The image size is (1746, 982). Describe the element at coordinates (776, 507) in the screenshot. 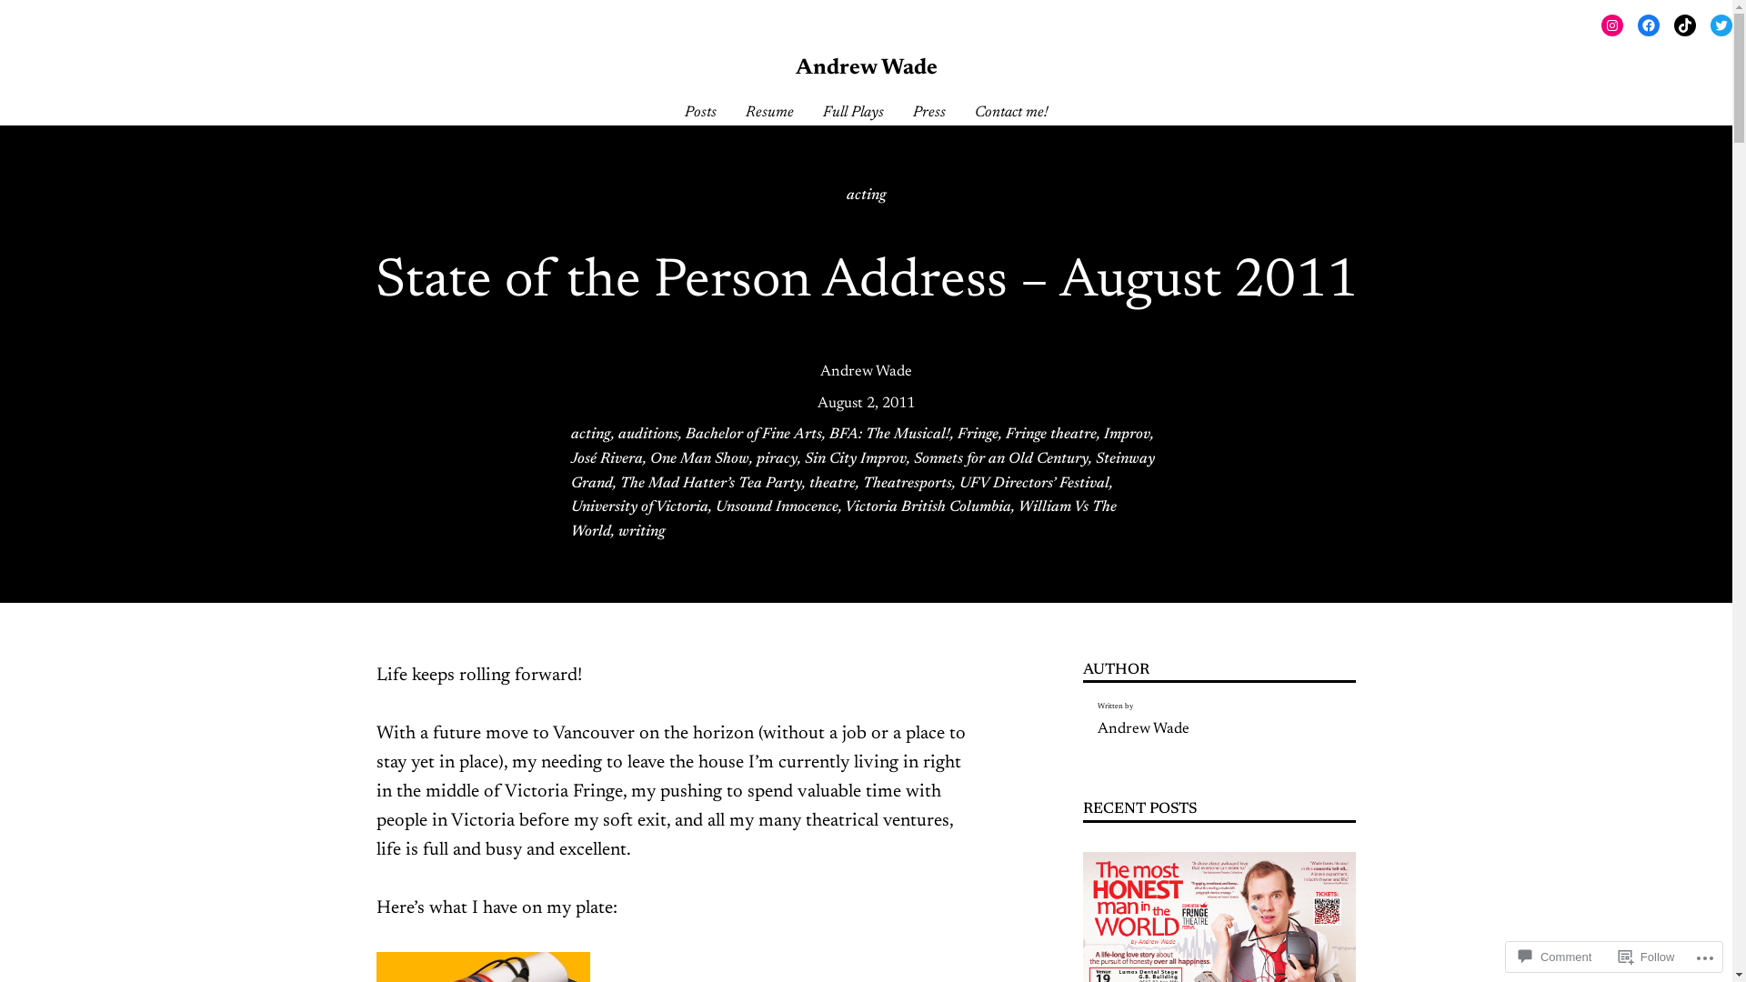

I see `'Unsound Innocence'` at that location.